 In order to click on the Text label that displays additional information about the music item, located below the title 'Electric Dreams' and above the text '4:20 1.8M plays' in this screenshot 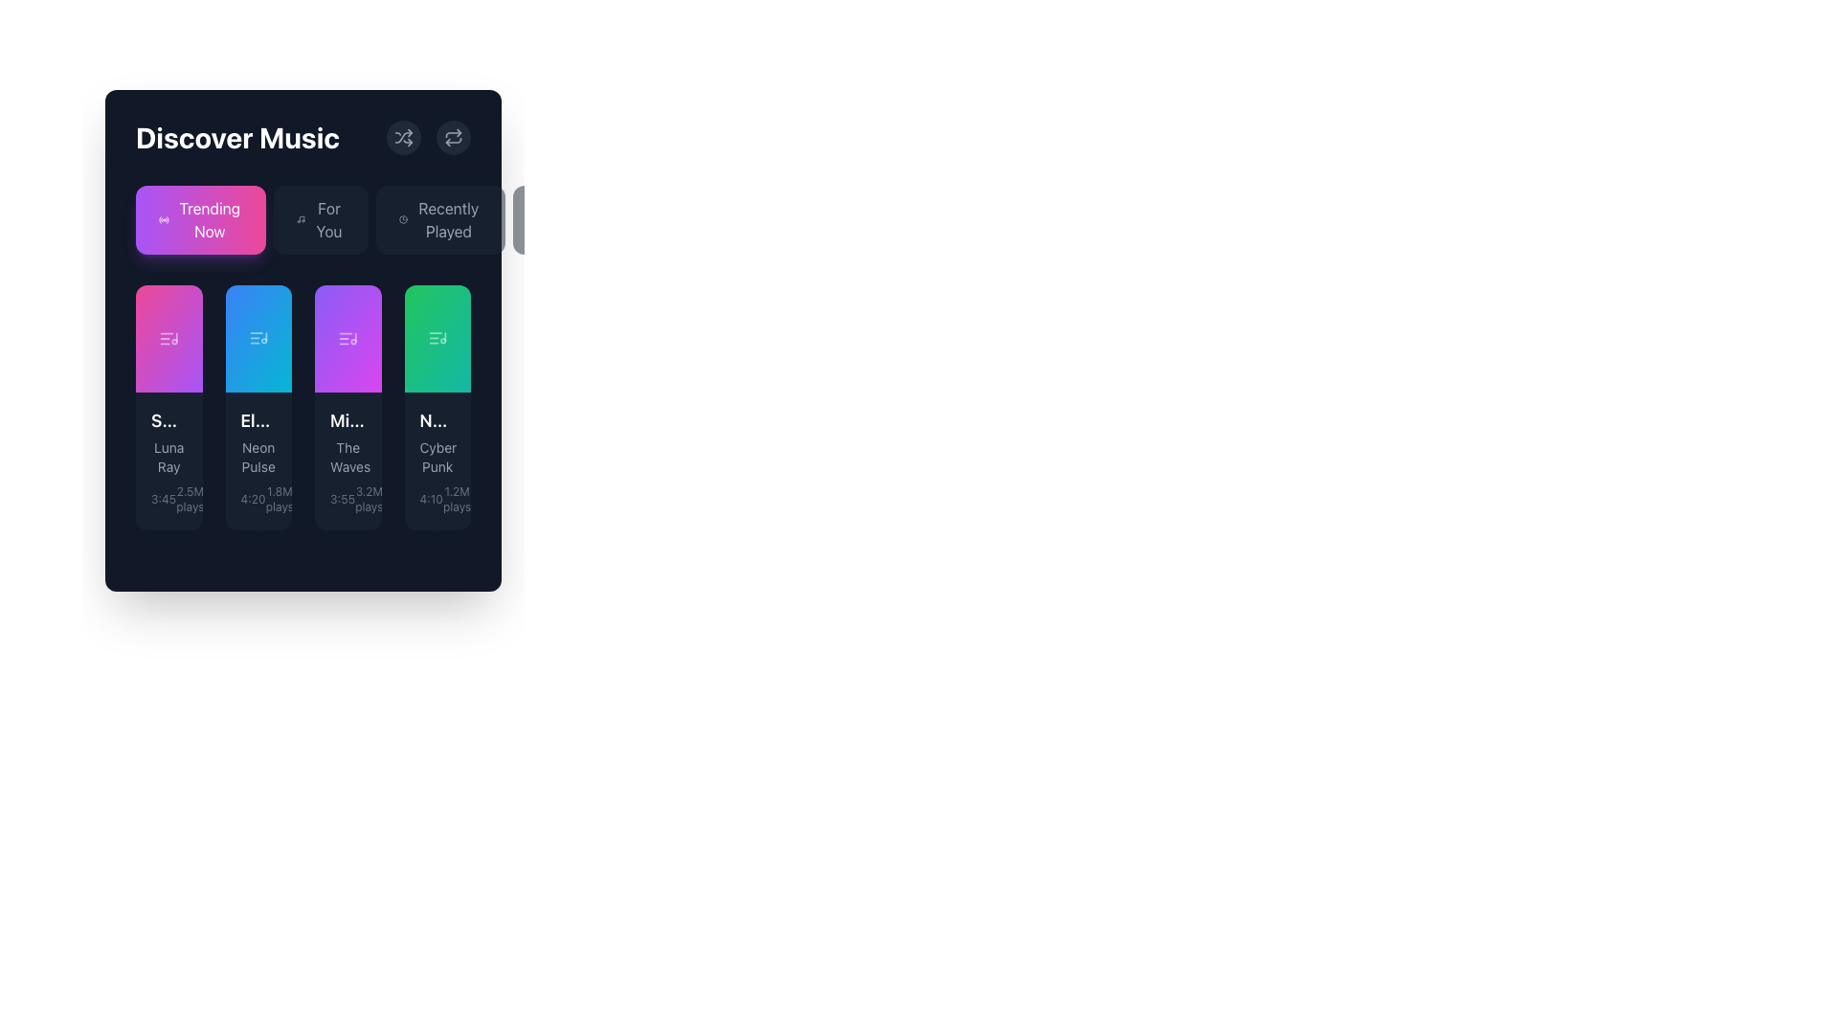, I will do `click(258, 458)`.